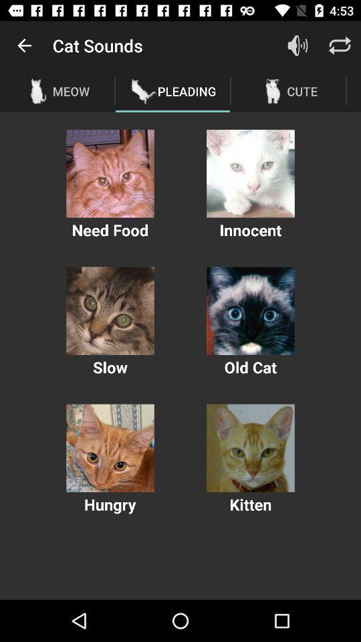  Describe the element at coordinates (24, 45) in the screenshot. I see `item to the left of the cat sounds item` at that location.